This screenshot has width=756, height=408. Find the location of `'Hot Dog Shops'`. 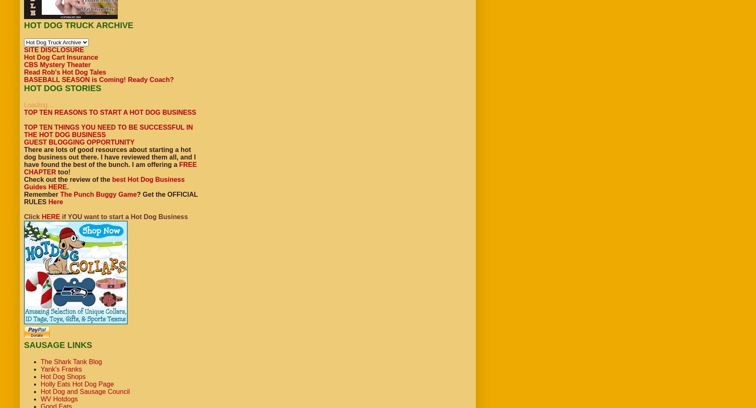

'Hot Dog Shops' is located at coordinates (62, 377).